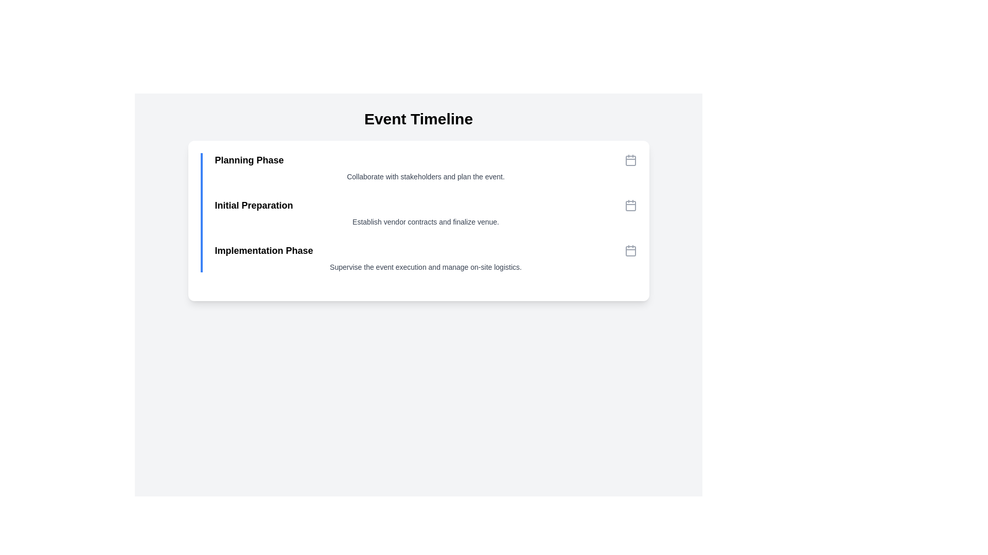 This screenshot has width=988, height=555. I want to click on 'Planning Phase' text label, which is the first item in a vertical list structure and is aligned to the left under the main title of the page, so click(249, 160).